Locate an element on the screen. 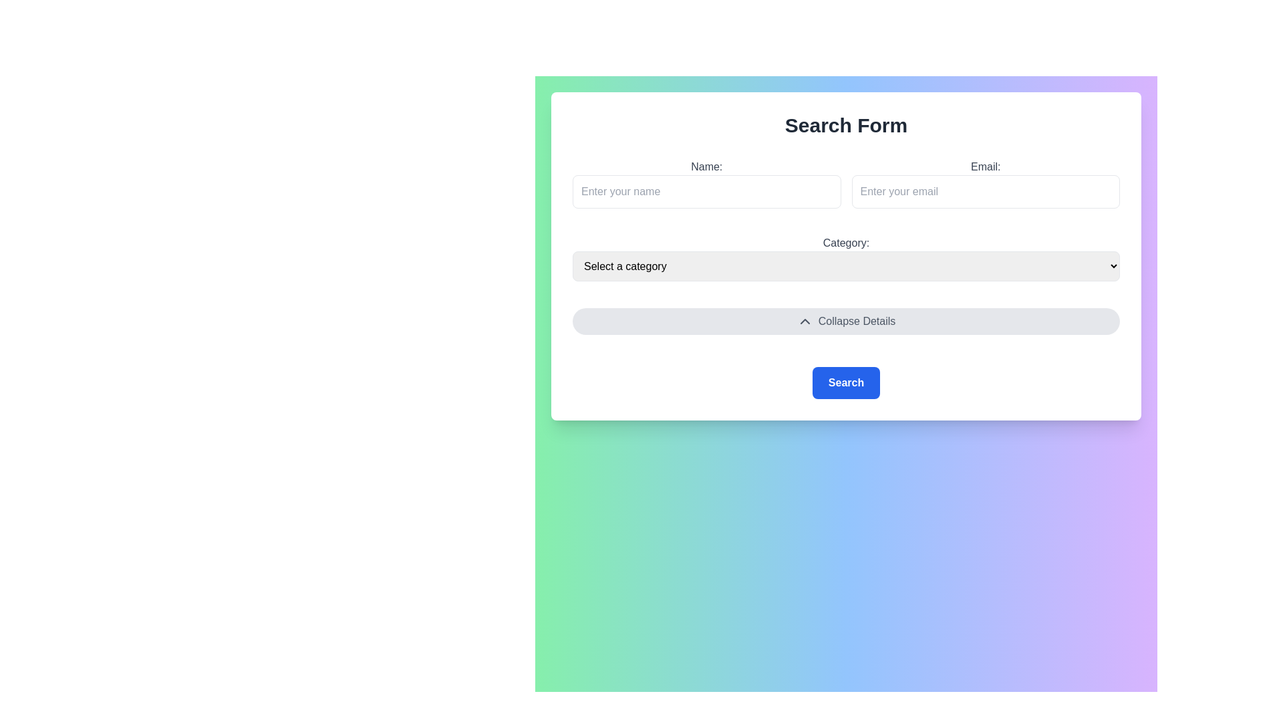 The width and height of the screenshot is (1283, 722). the Text Label that indicates the interaction state of the button for toggling visibility, located within the button at the lower-center part of the form, to the right of the chevron icon is located at coordinates (857, 322).